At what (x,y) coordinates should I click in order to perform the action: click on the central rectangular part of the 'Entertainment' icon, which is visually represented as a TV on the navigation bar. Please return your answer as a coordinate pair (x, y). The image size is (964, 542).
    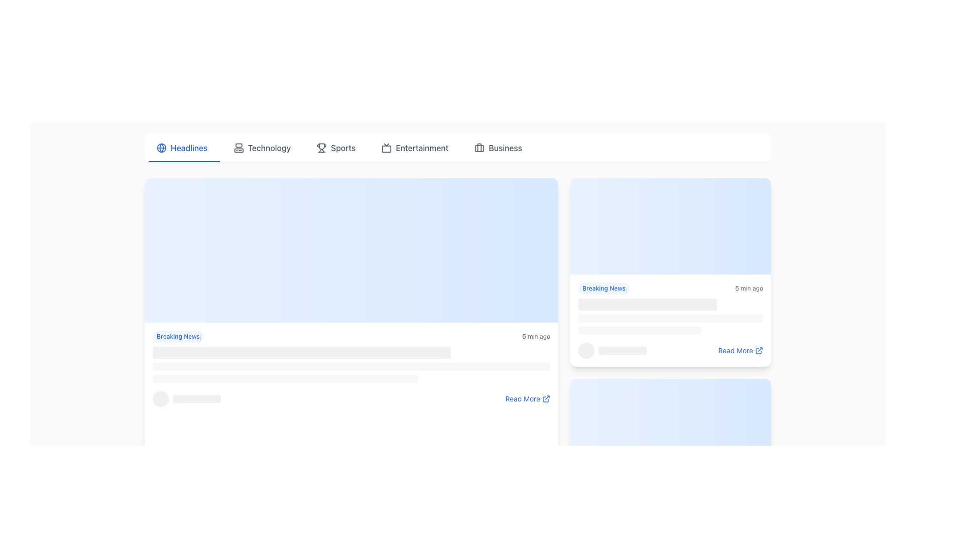
    Looking at the image, I should click on (386, 149).